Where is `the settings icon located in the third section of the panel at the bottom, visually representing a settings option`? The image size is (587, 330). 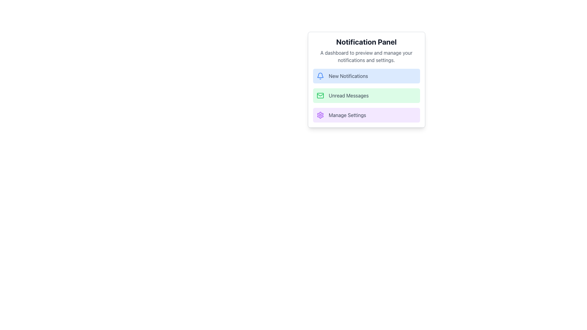
the settings icon located in the third section of the panel at the bottom, visually representing a settings option is located at coordinates (320, 115).